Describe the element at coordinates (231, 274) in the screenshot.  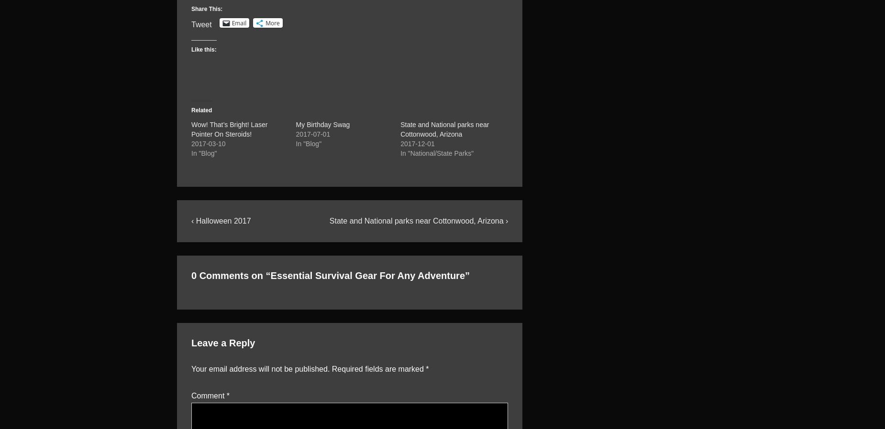
I see `'0 Comments on “'` at that location.